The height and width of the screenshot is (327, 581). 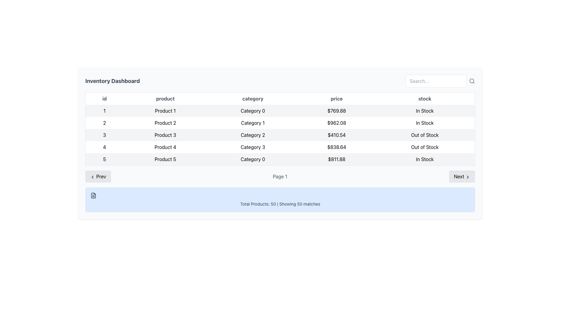 What do you see at coordinates (336, 111) in the screenshot?
I see `the text displaying the price '$769.88' in the fourth column of the first row of the table, which is adjacent to 'Category 0' and 'In Stock'` at bounding box center [336, 111].